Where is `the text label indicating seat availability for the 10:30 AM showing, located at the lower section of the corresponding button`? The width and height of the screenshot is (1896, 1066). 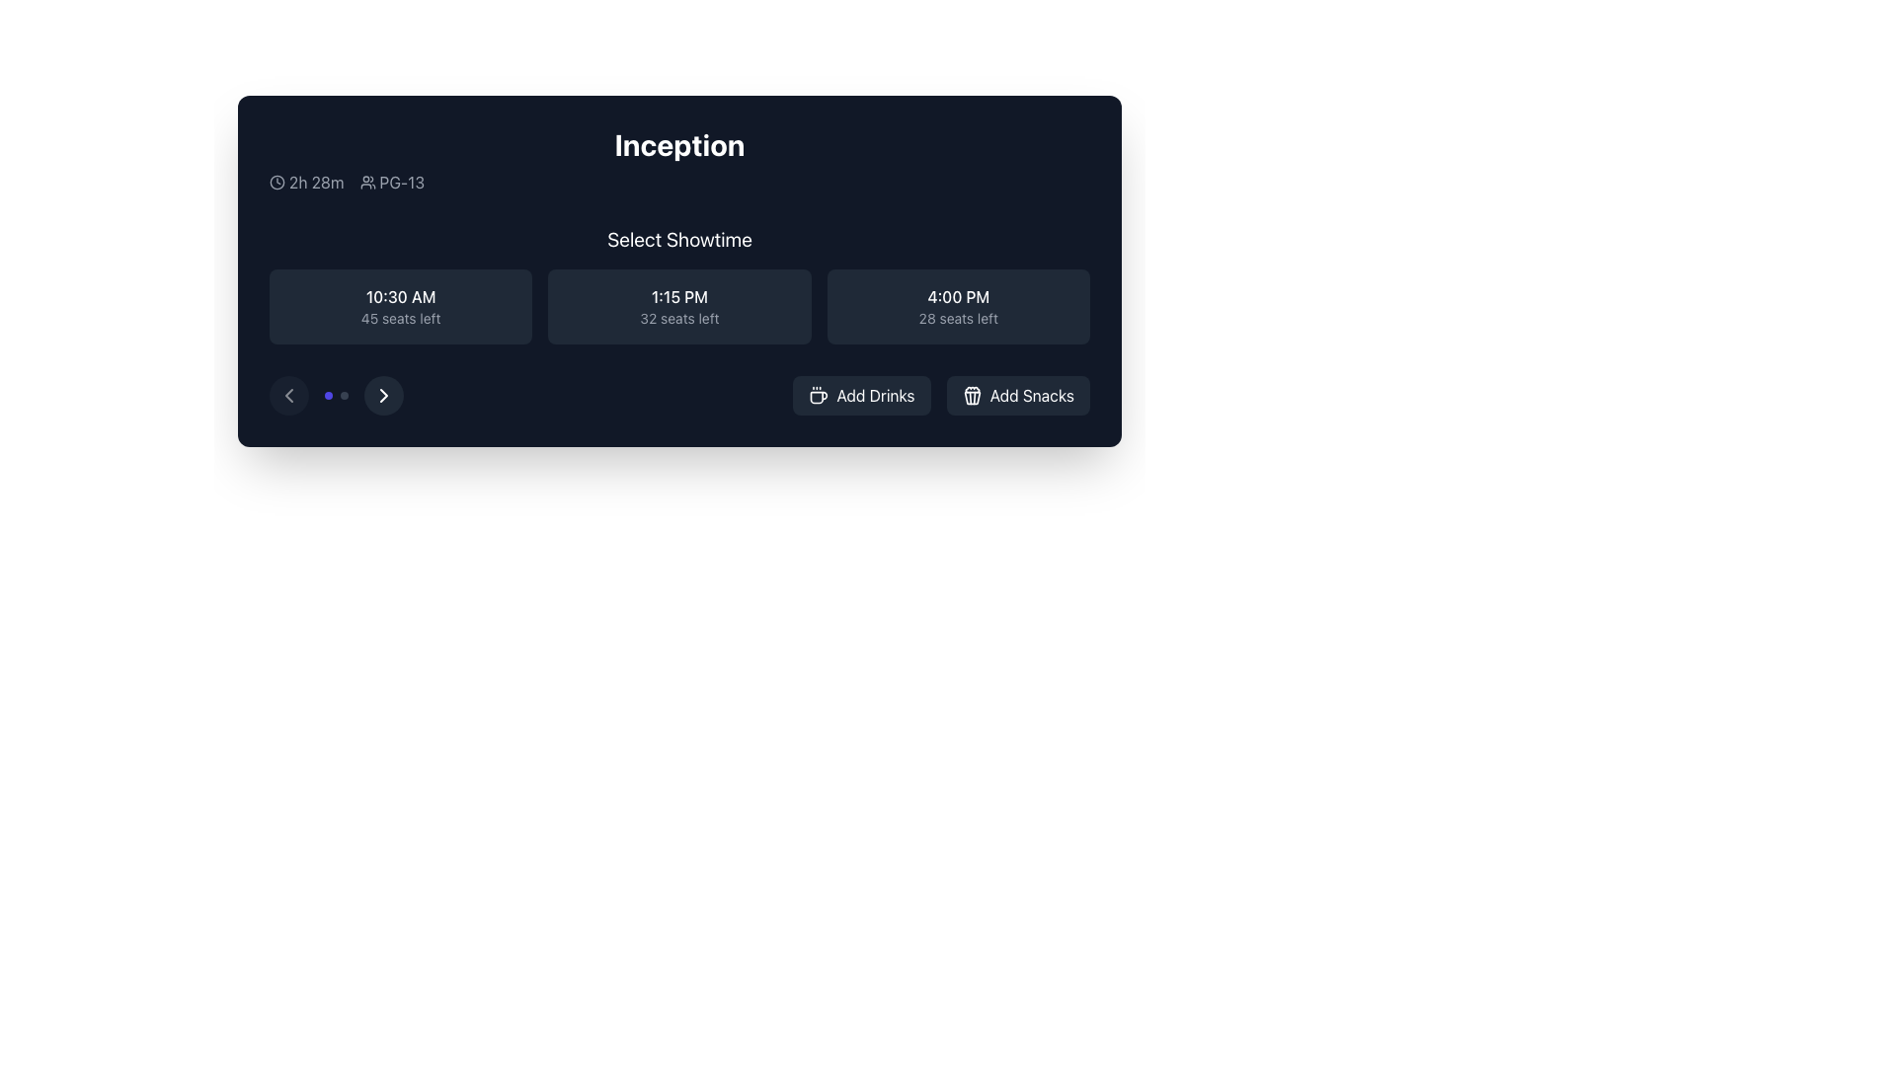
the text label indicating seat availability for the 10:30 AM showing, located at the lower section of the corresponding button is located at coordinates (400, 318).